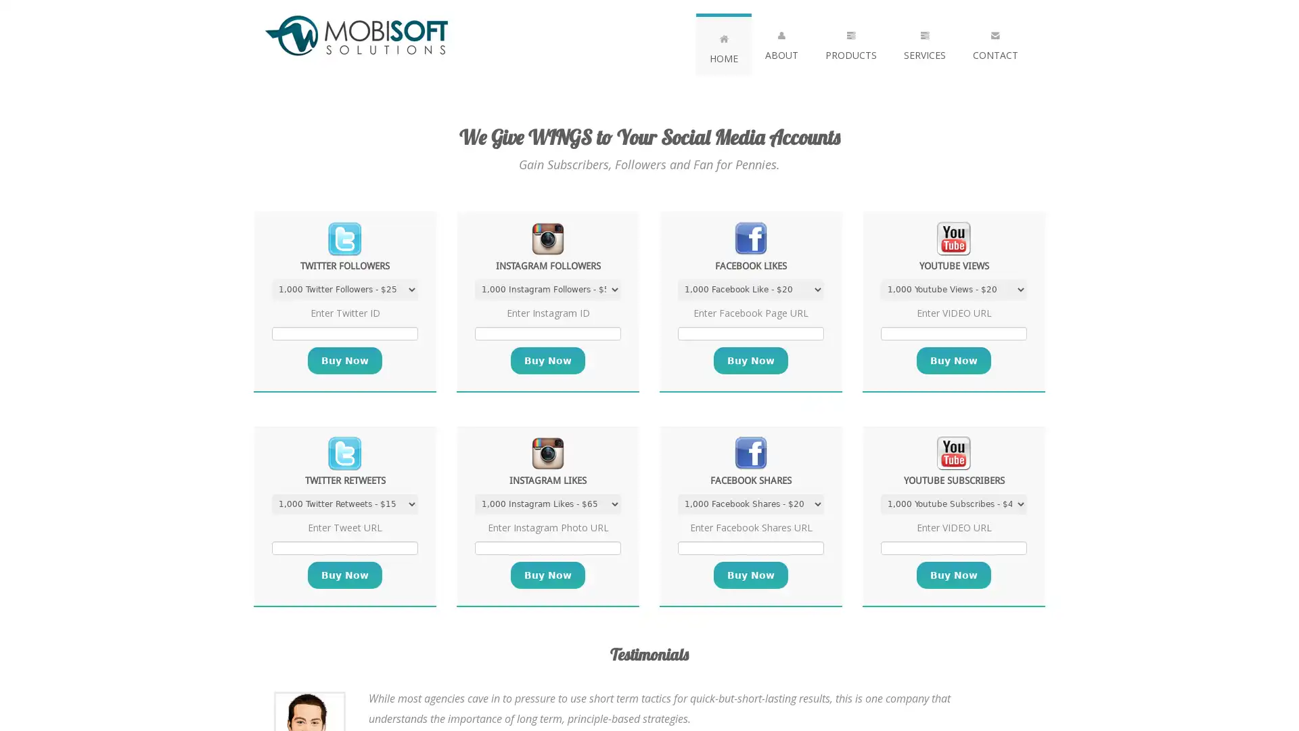  What do you see at coordinates (750, 359) in the screenshot?
I see `Buy Now` at bounding box center [750, 359].